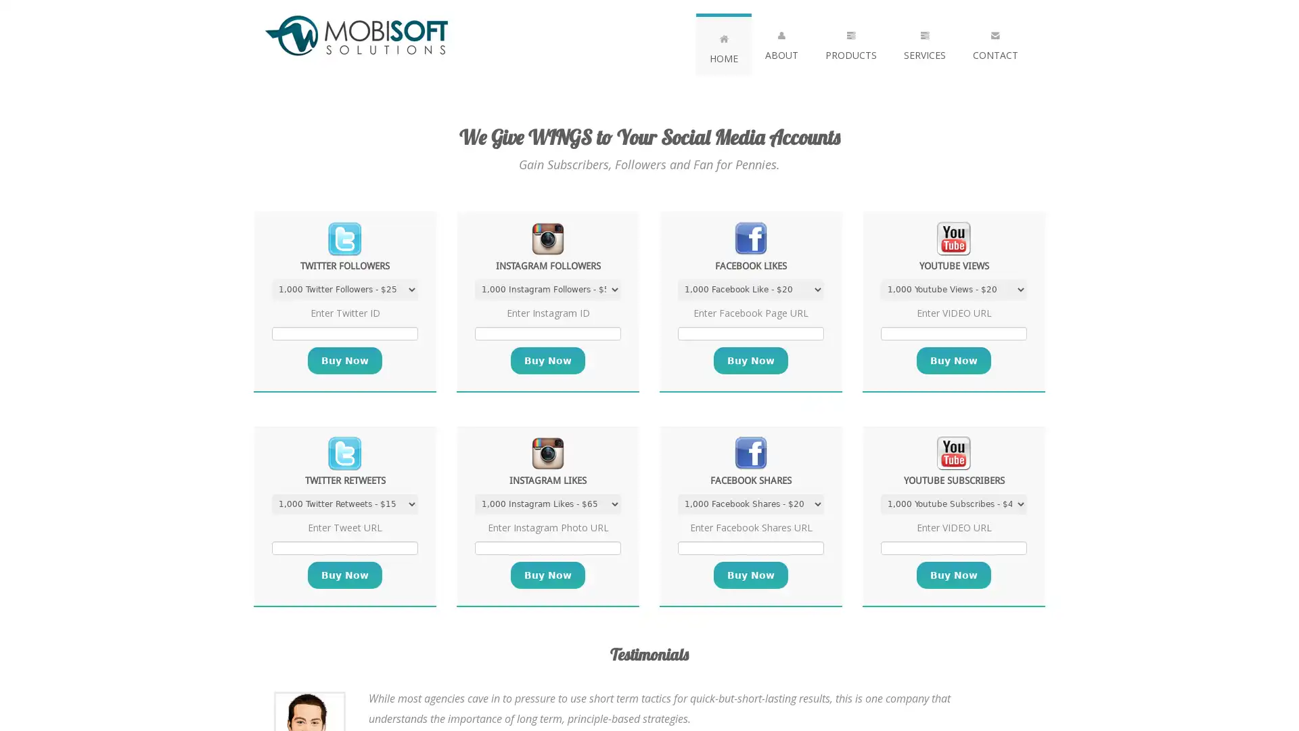  What do you see at coordinates (750, 359) in the screenshot?
I see `Buy Now` at bounding box center [750, 359].